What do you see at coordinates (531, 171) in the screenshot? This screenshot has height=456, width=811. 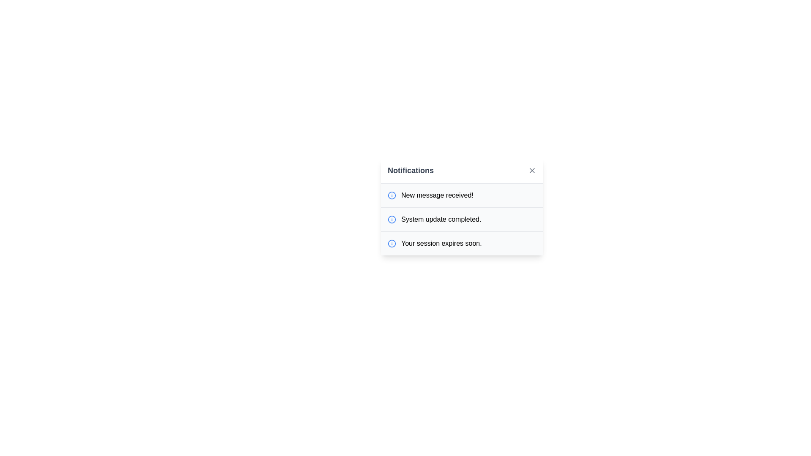 I see `the close/dismiss button icon located in the top-right corner of the notifications panel header to trigger the tooltip` at bounding box center [531, 171].